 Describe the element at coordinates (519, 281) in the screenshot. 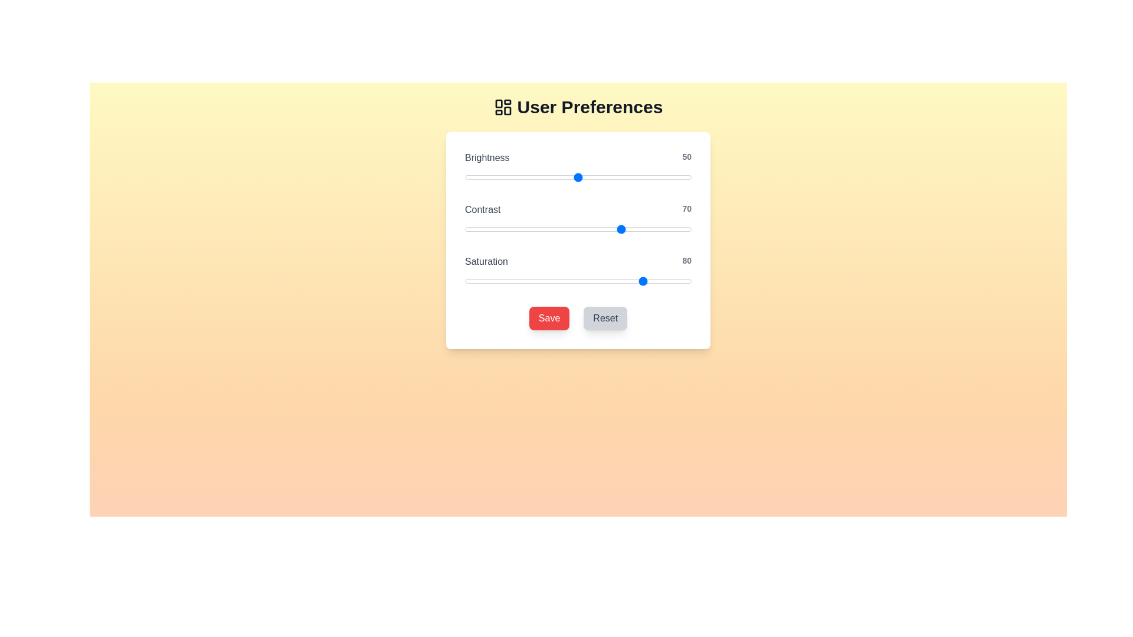

I see `the 'Saturation' slider to 24` at that location.